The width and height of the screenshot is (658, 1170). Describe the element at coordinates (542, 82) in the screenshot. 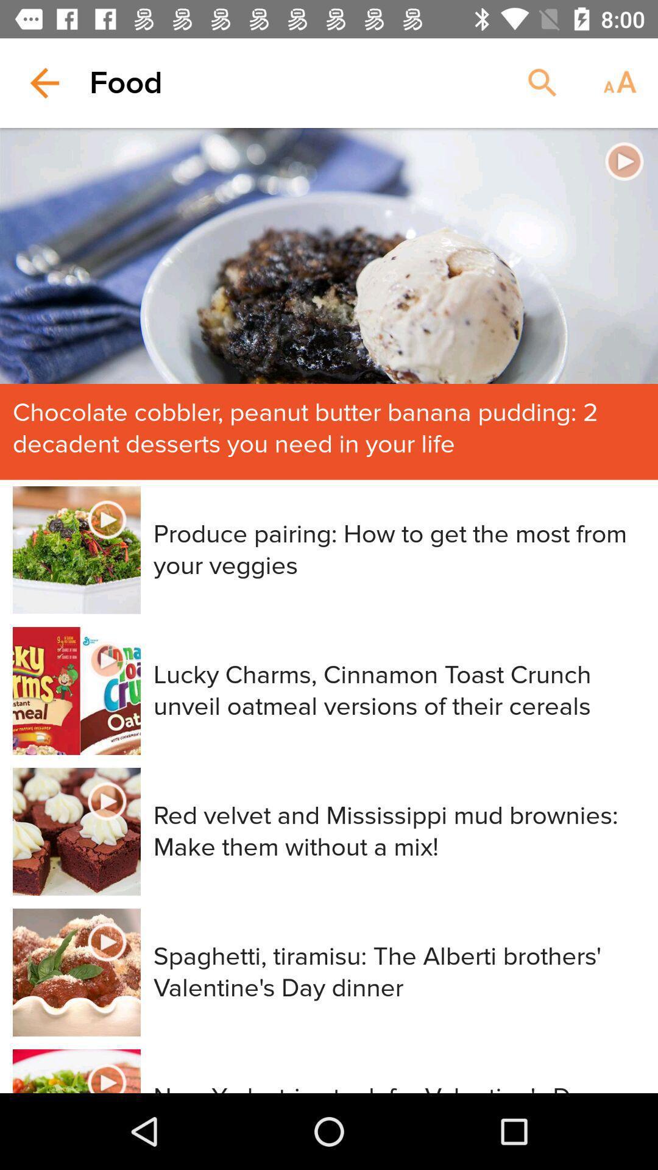

I see `the item to the right of food` at that location.